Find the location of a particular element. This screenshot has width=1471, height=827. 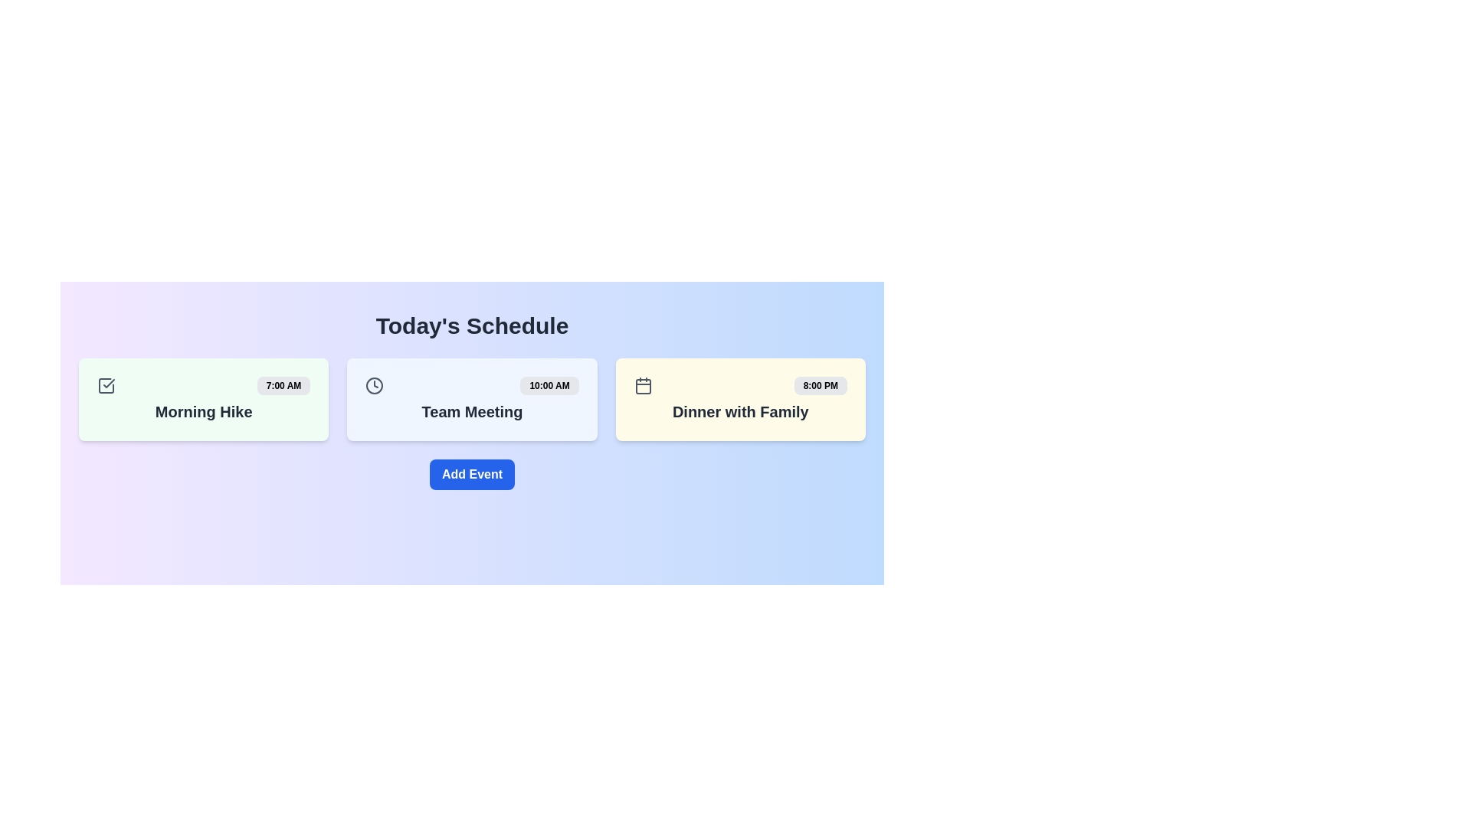

the calendar icon located to the left of the text 'Dinner with Family' within the third card of event cards is located at coordinates (643, 385).